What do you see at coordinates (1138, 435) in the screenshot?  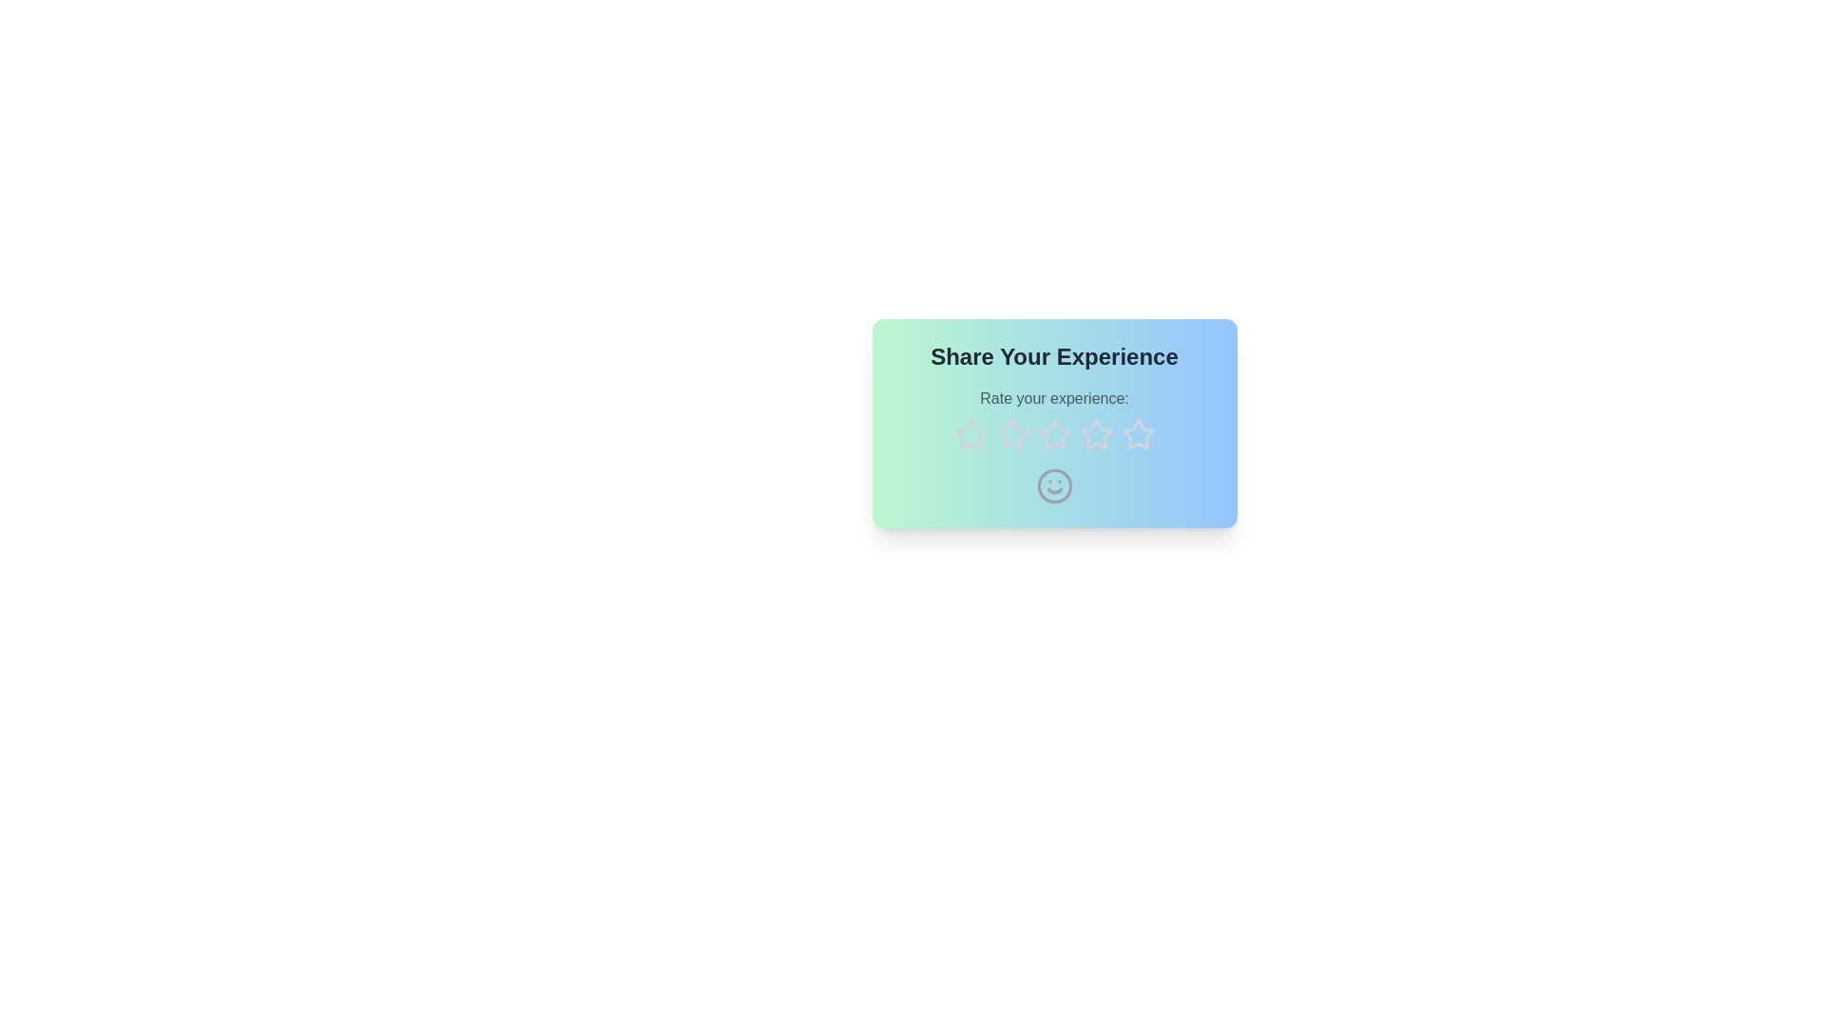 I see `the star corresponding to 5 to preview the rating` at bounding box center [1138, 435].